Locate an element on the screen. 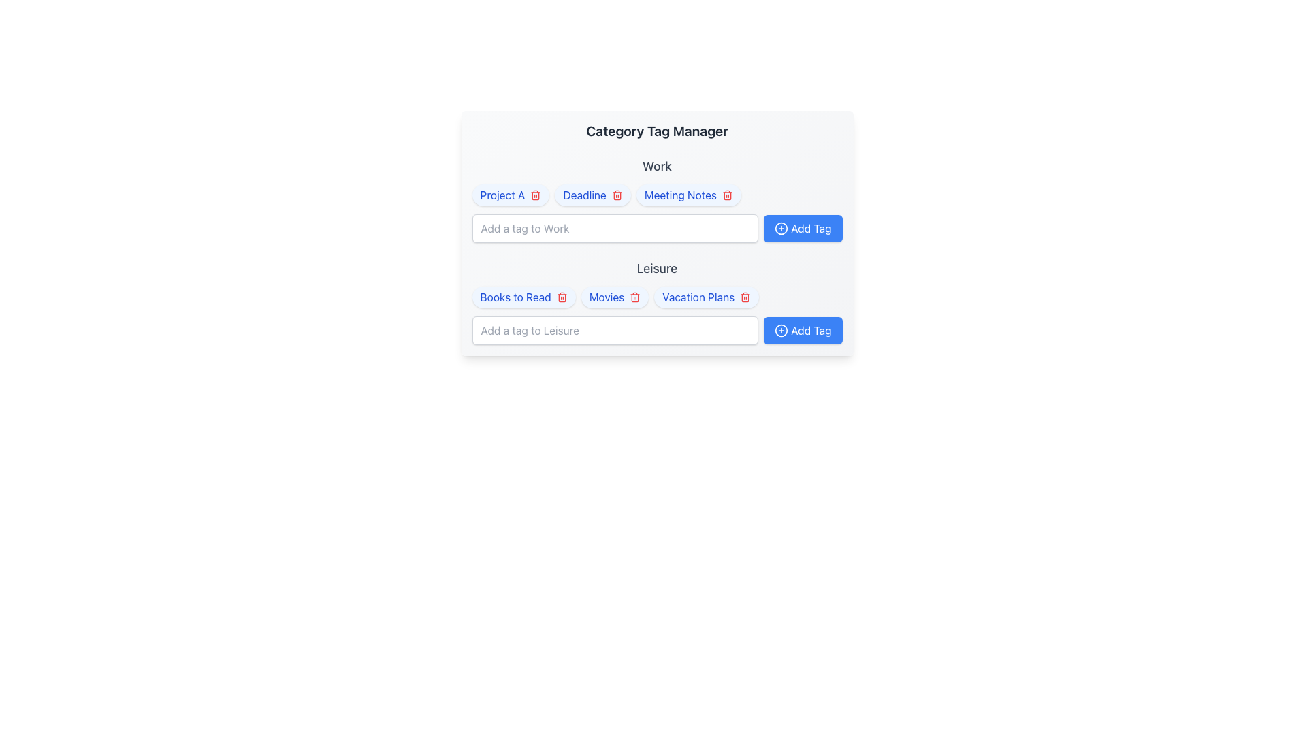  the text label displaying 'Project A' within the 'Work' group of tags in the 'Category Tag Manager' interface is located at coordinates (502, 195).